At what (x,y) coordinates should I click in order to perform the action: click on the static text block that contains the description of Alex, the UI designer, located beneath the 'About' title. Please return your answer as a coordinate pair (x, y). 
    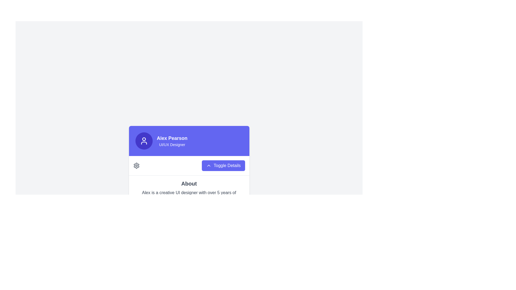
    Looking at the image, I should click on (189, 196).